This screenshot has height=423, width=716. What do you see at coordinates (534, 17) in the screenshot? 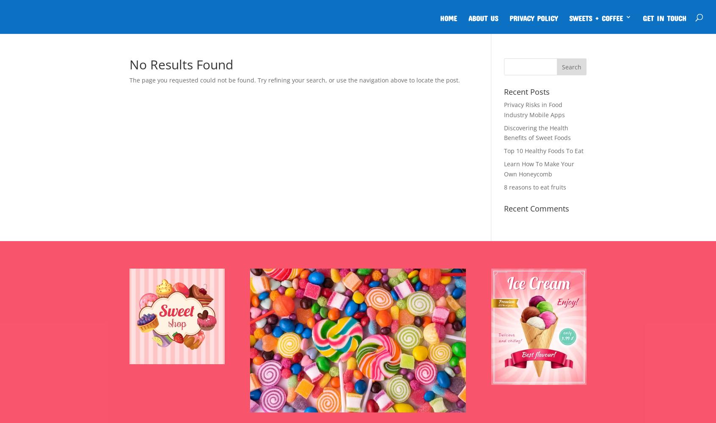
I see `'Privacy Policy'` at bounding box center [534, 17].